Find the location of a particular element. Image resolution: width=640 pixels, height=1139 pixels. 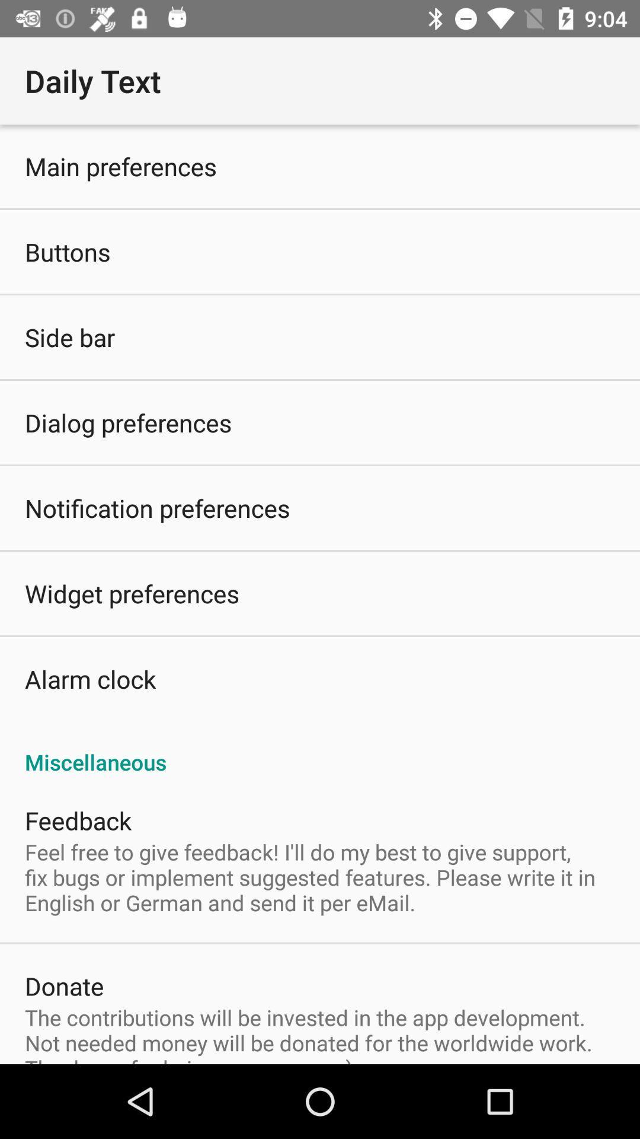

the side bar item is located at coordinates (70, 336).